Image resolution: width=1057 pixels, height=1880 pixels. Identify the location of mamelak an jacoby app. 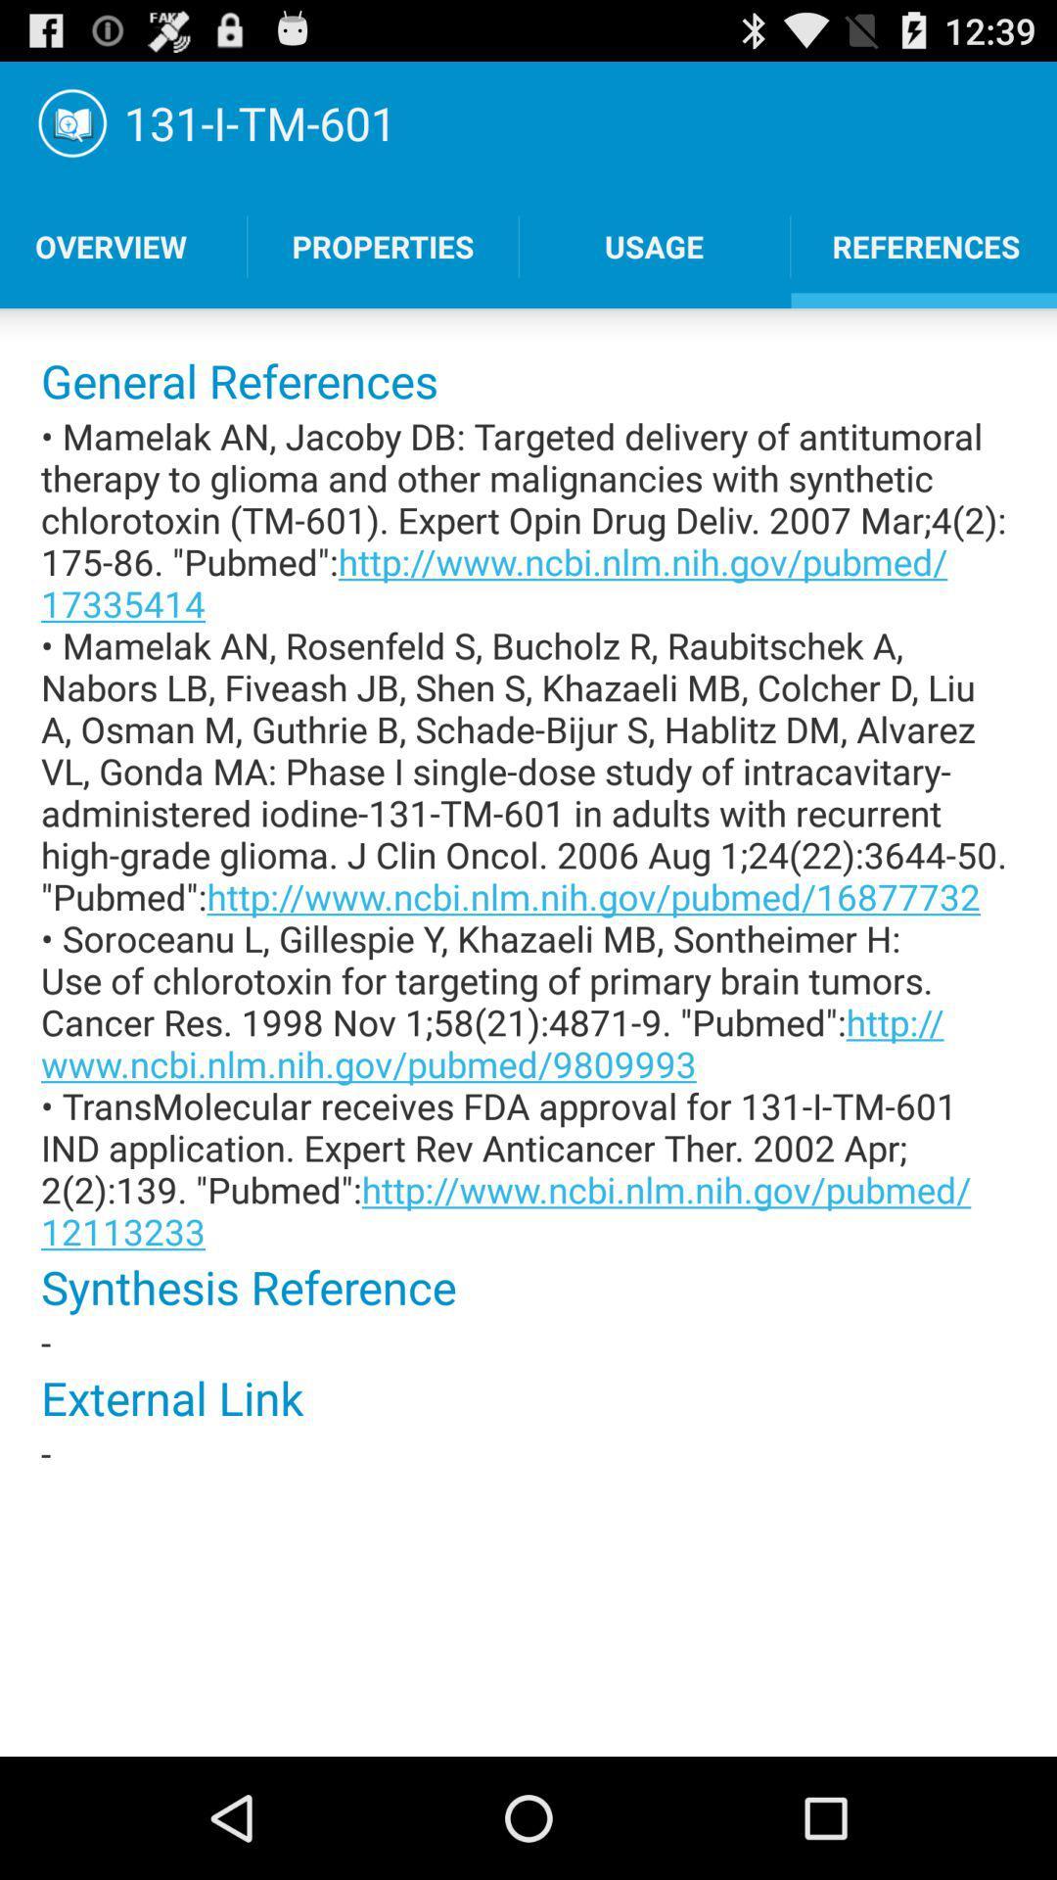
(528, 833).